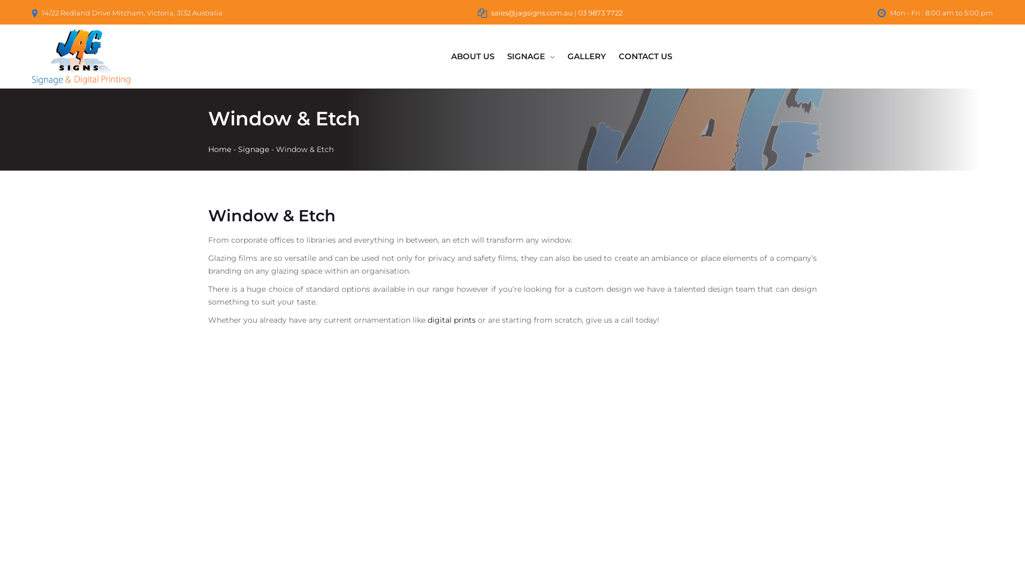  Describe the element at coordinates (253, 149) in the screenshot. I see `'Signage'` at that location.